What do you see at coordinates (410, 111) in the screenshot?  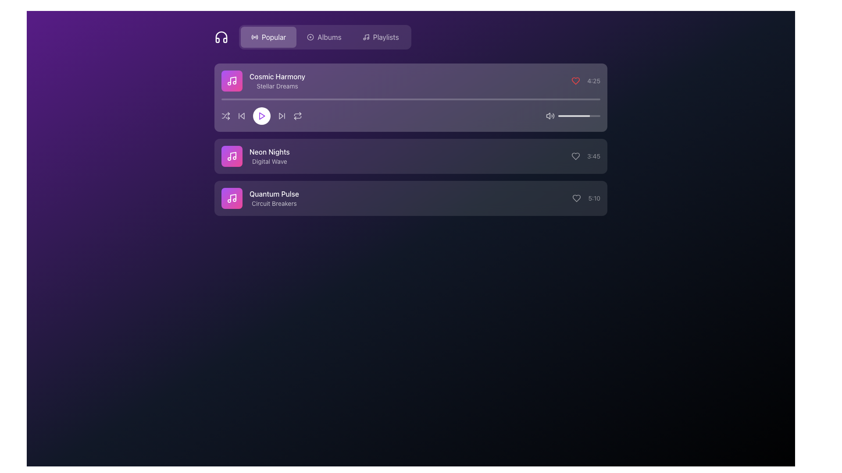 I see `the progress value of the Progress Bar located in the 'Cosmic Harmony' track section, positioned horizontally below the track title and above playback control buttons` at bounding box center [410, 111].